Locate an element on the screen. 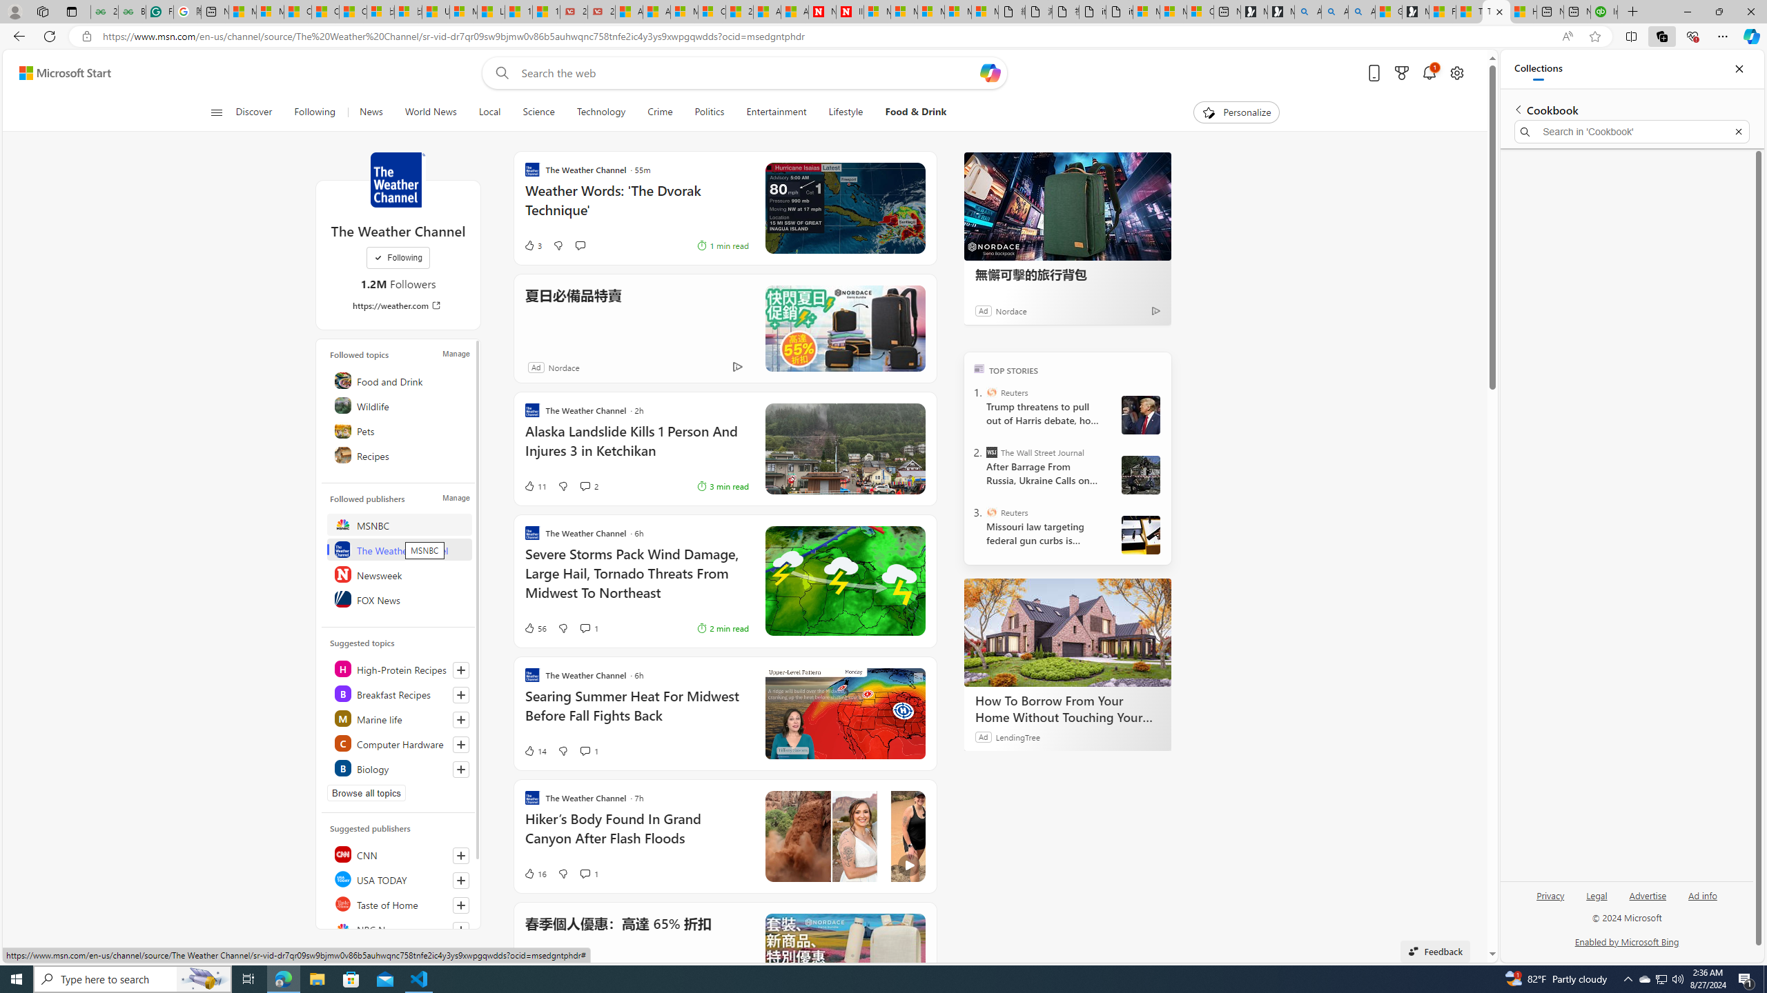  '11 Like' is located at coordinates (534, 485).